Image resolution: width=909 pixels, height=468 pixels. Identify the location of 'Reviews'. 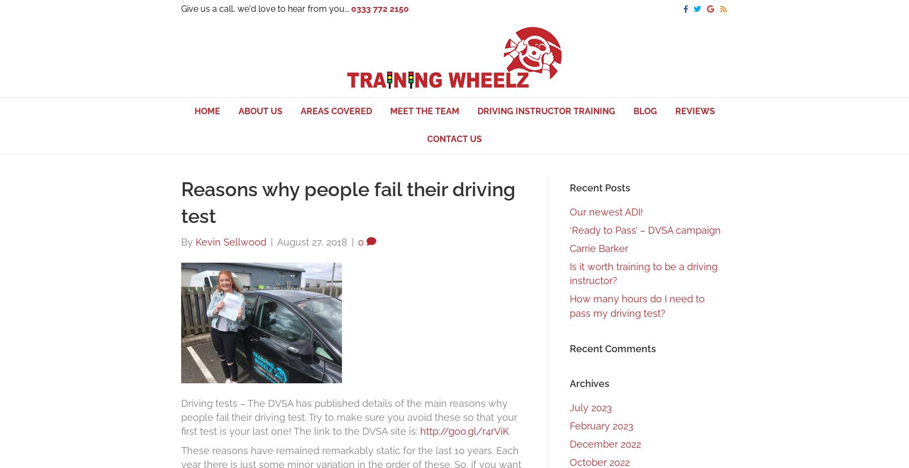
(674, 110).